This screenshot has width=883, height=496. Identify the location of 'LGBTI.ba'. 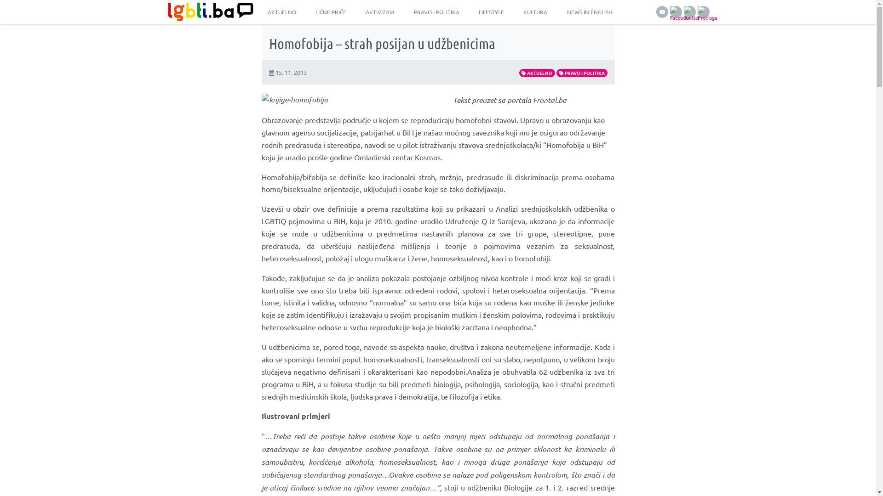
(207, 12).